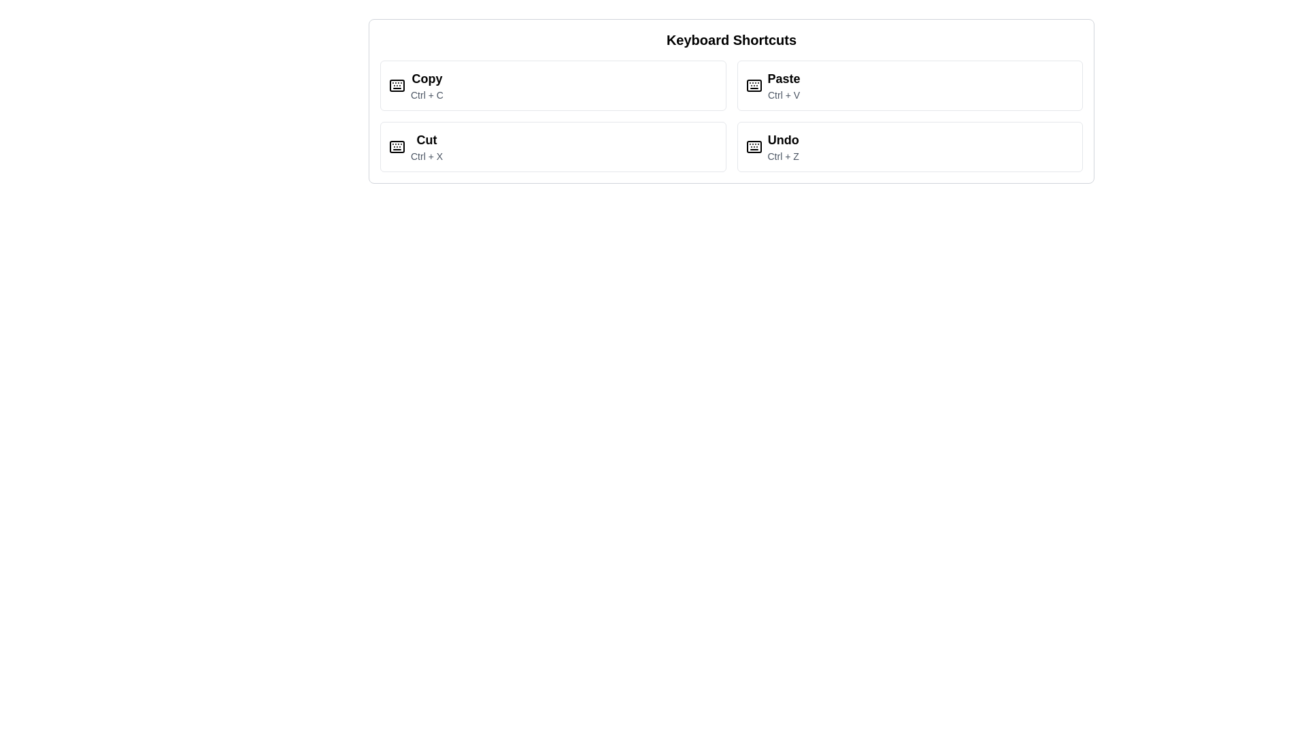 Image resolution: width=1306 pixels, height=735 pixels. What do you see at coordinates (426, 147) in the screenshot?
I see `the 'Cut' keyboard shortcut label, which is the second option in the list of shortcuts, located between 'Copy' and 'Paste'` at bounding box center [426, 147].